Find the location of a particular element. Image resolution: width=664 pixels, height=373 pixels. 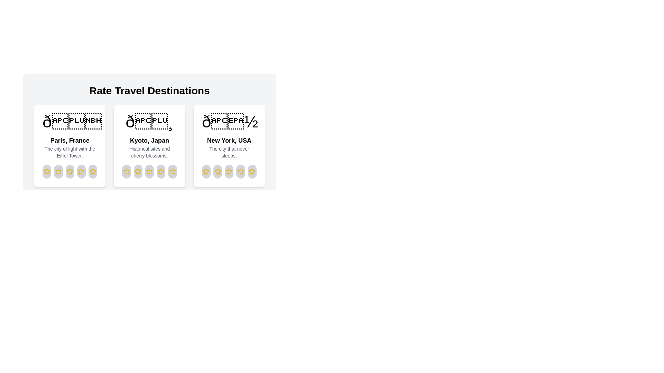

the destination name to view it is located at coordinates (70, 140).